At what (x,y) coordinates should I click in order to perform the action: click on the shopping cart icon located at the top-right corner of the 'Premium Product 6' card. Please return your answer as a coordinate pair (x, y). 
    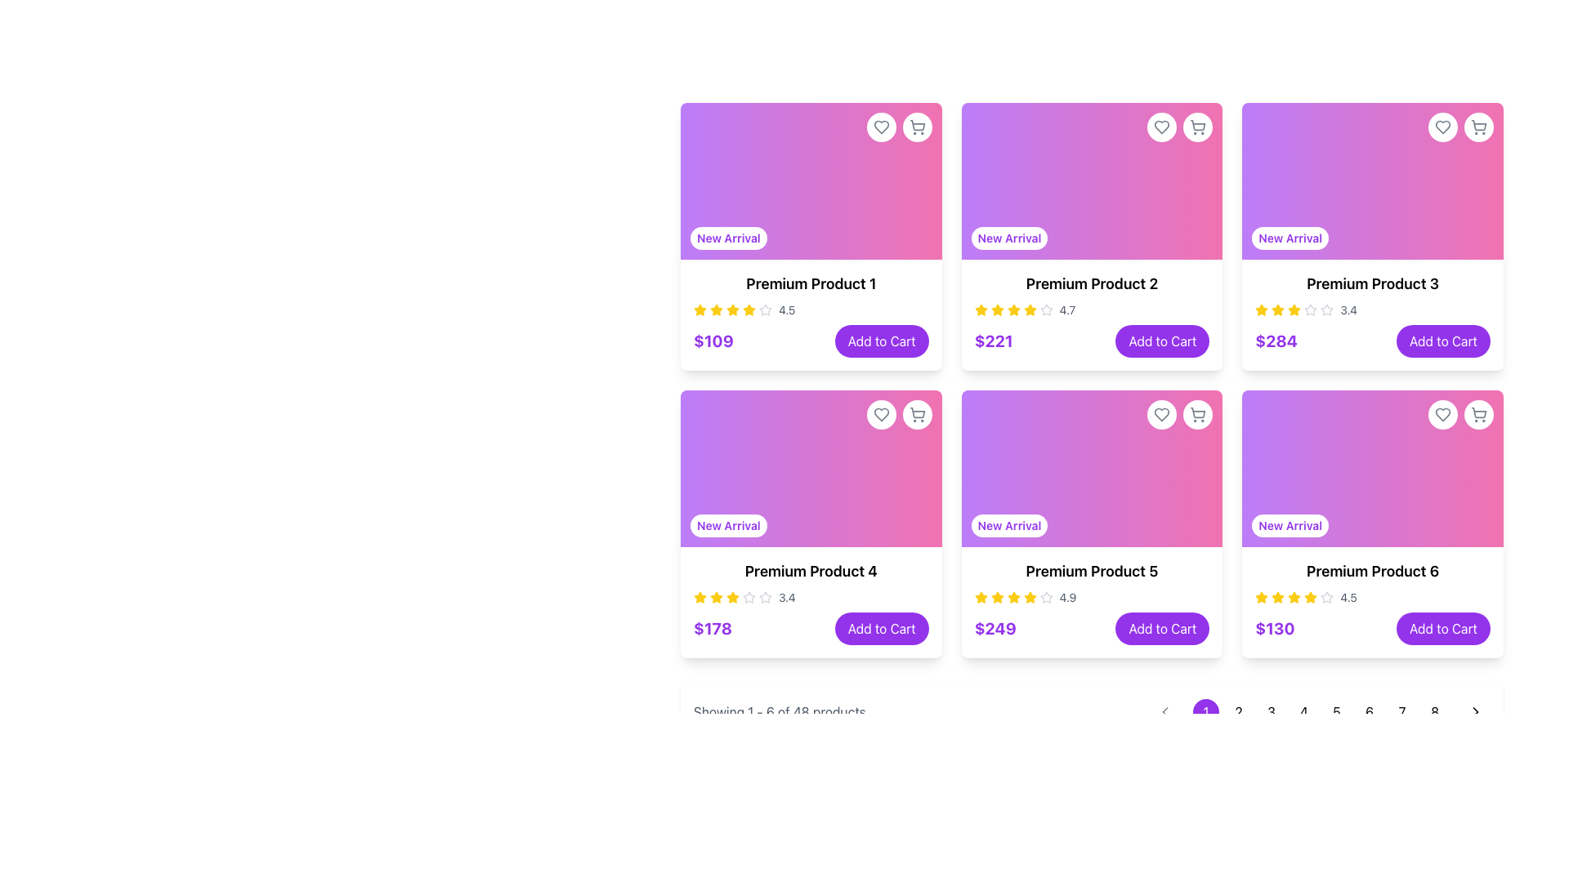
    Looking at the image, I should click on (1478, 414).